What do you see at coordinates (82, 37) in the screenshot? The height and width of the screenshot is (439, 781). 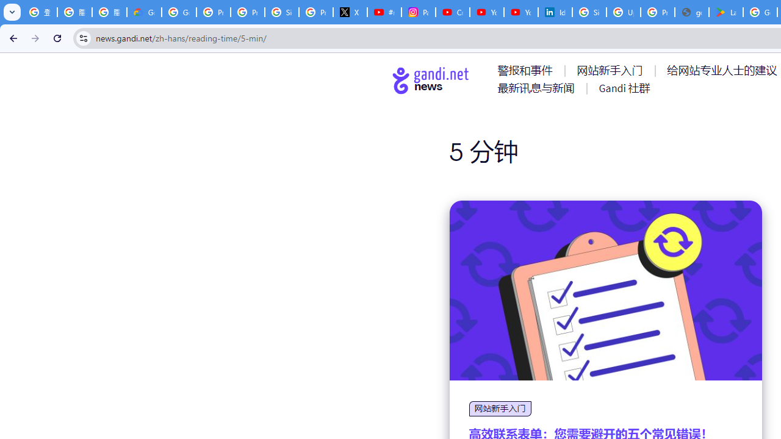 I see `'View site information'` at bounding box center [82, 37].